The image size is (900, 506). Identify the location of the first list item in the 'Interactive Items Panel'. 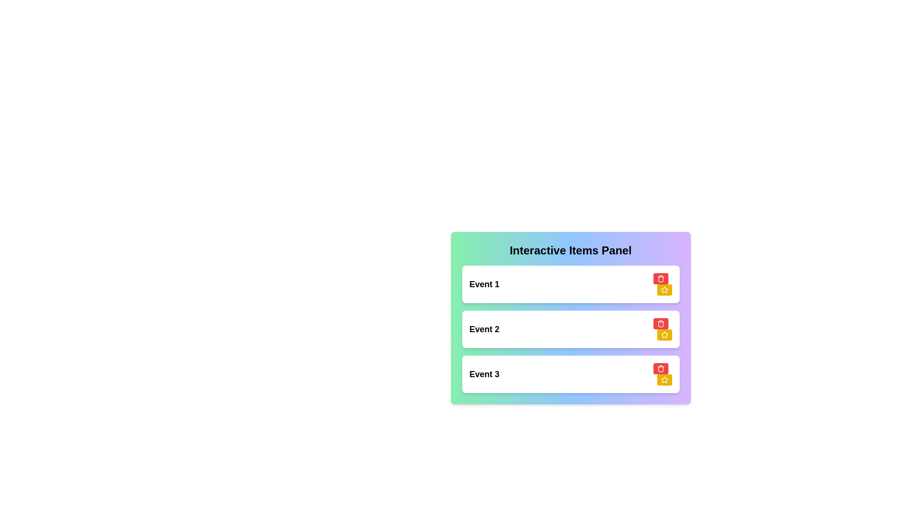
(570, 283).